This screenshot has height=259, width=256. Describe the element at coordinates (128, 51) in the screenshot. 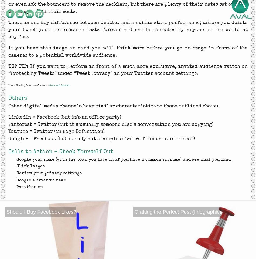

I see `'If you have this image in mind you will think more before you go on stage in front of the cameras to a potential worldwide audience.'` at that location.